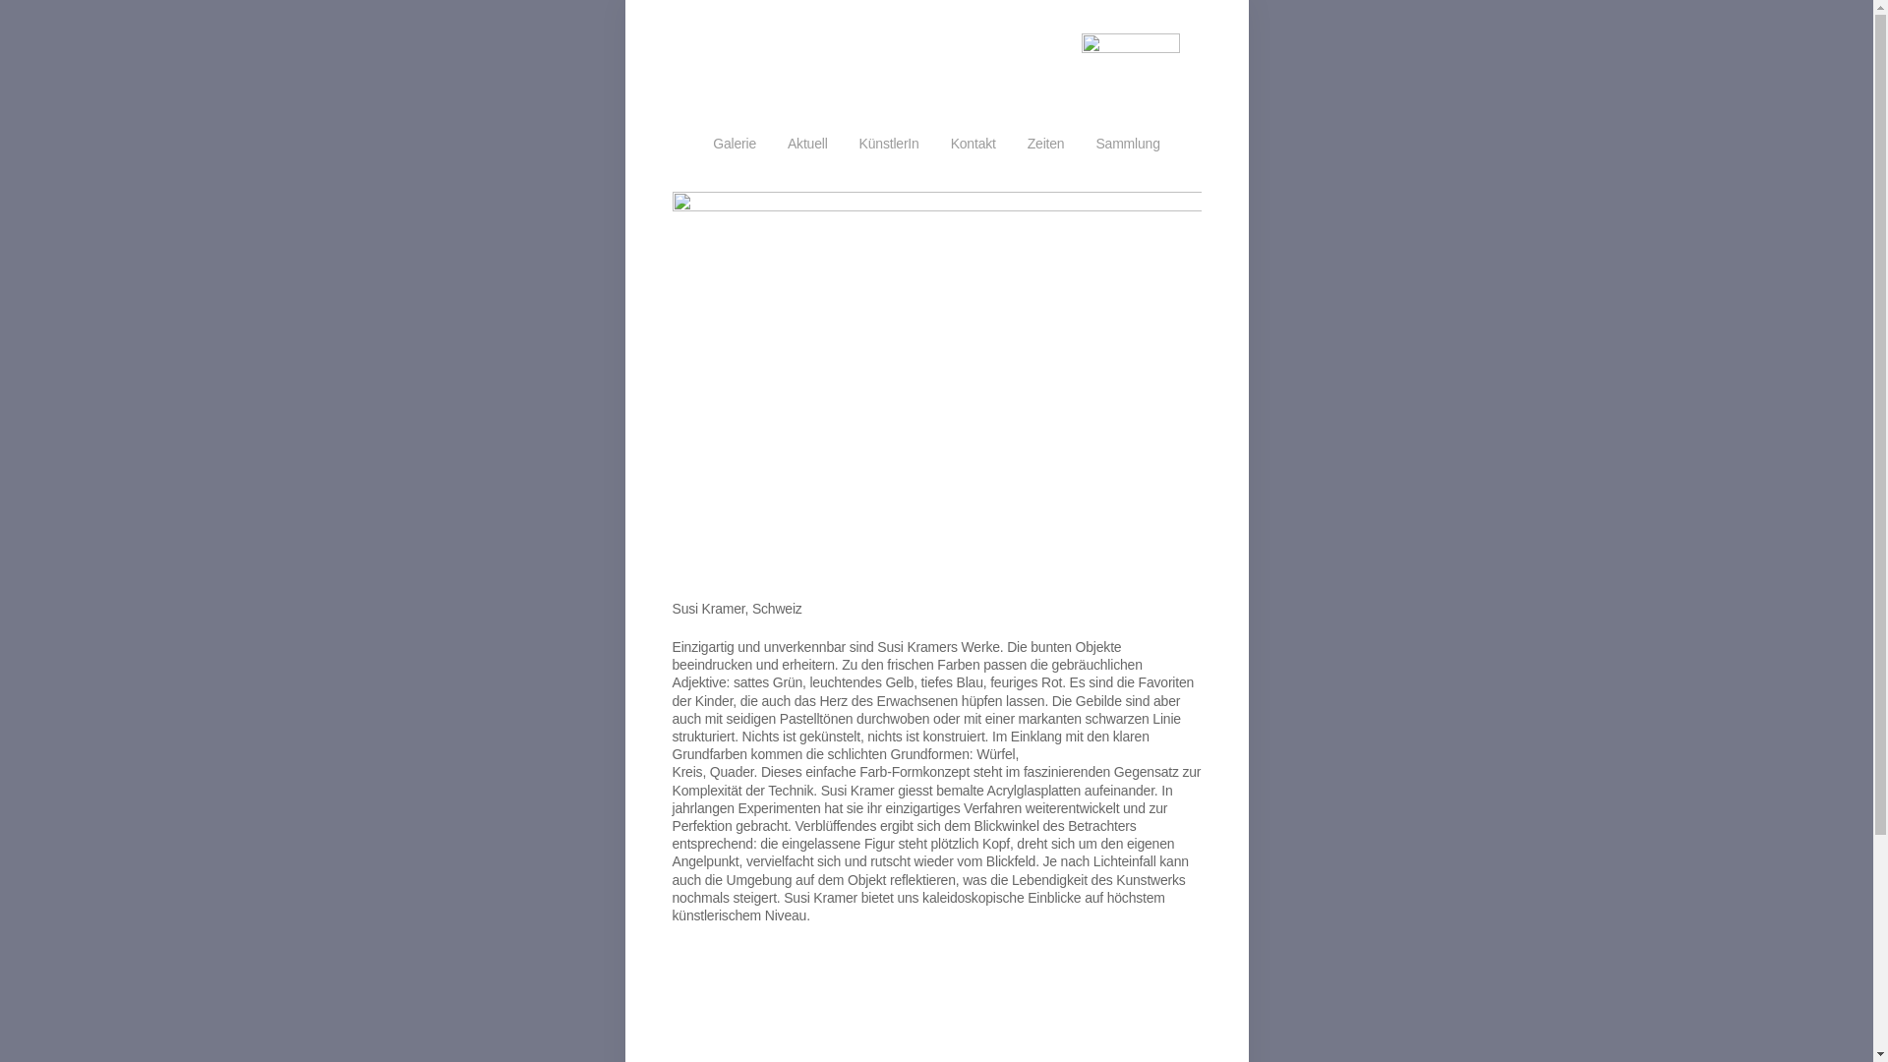 The image size is (1888, 1062). Describe the element at coordinates (734, 143) in the screenshot. I see `'Galerie'` at that location.